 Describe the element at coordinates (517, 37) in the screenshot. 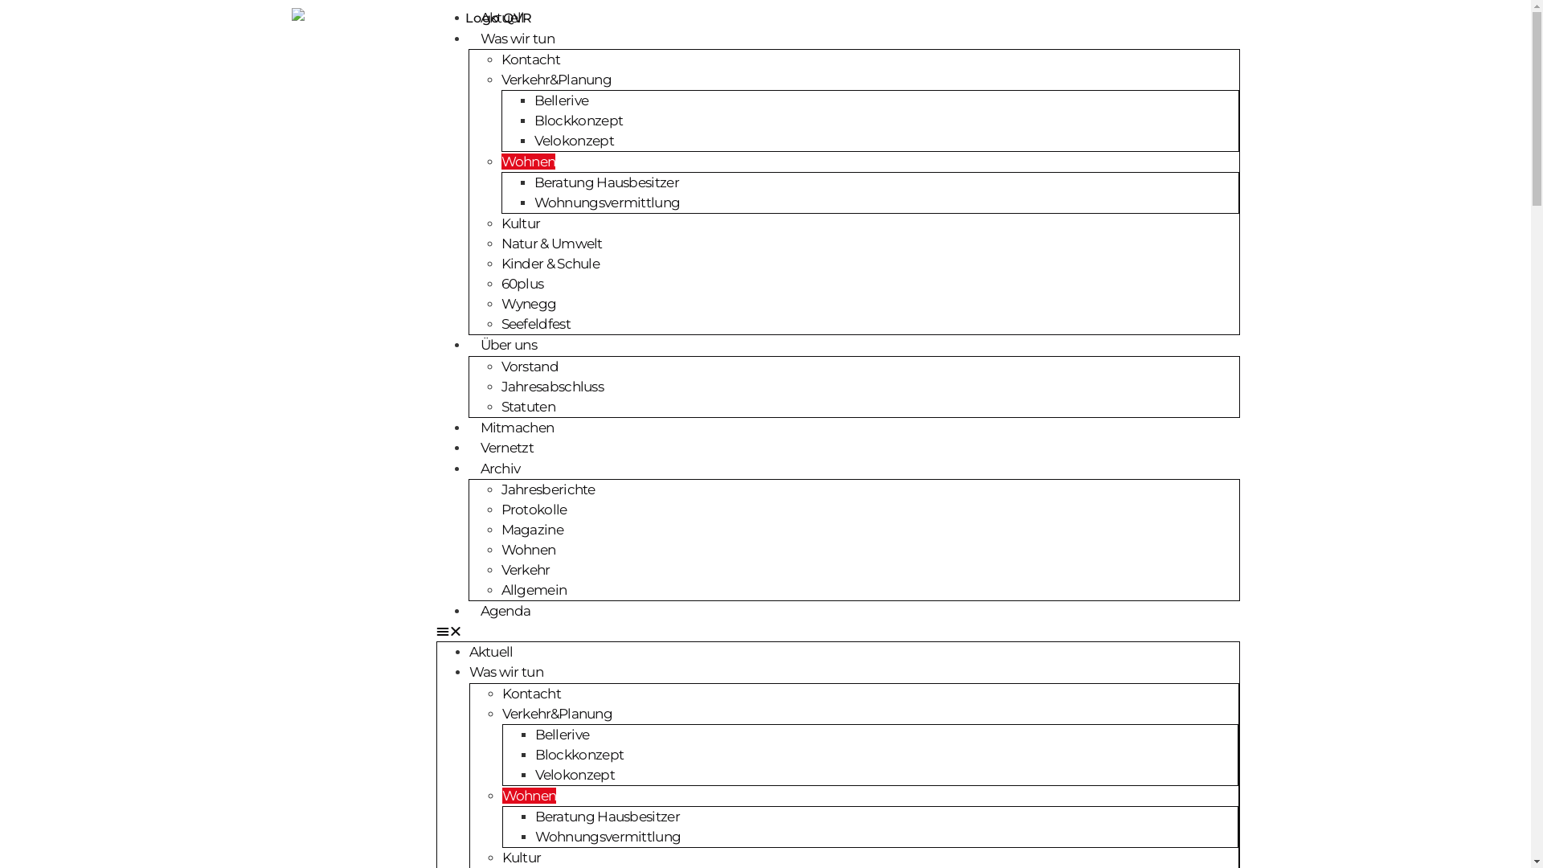

I see `'Was wir tun'` at that location.